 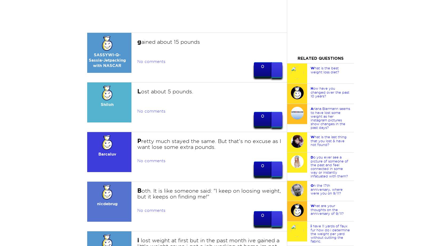 What do you see at coordinates (107, 154) in the screenshot?
I see `'Barcaluv'` at bounding box center [107, 154].